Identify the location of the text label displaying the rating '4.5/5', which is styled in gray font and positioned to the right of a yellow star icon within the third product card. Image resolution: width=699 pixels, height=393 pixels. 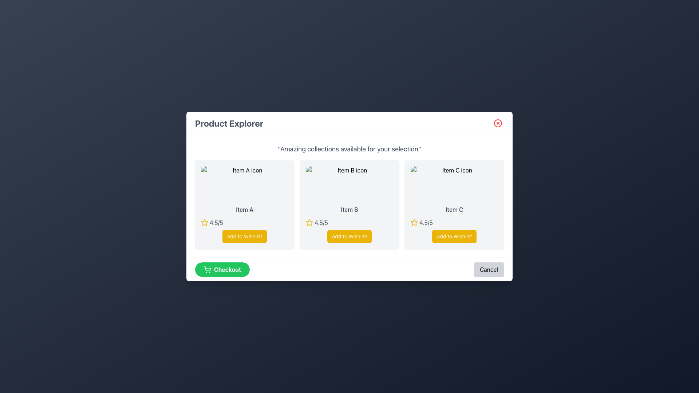
(426, 222).